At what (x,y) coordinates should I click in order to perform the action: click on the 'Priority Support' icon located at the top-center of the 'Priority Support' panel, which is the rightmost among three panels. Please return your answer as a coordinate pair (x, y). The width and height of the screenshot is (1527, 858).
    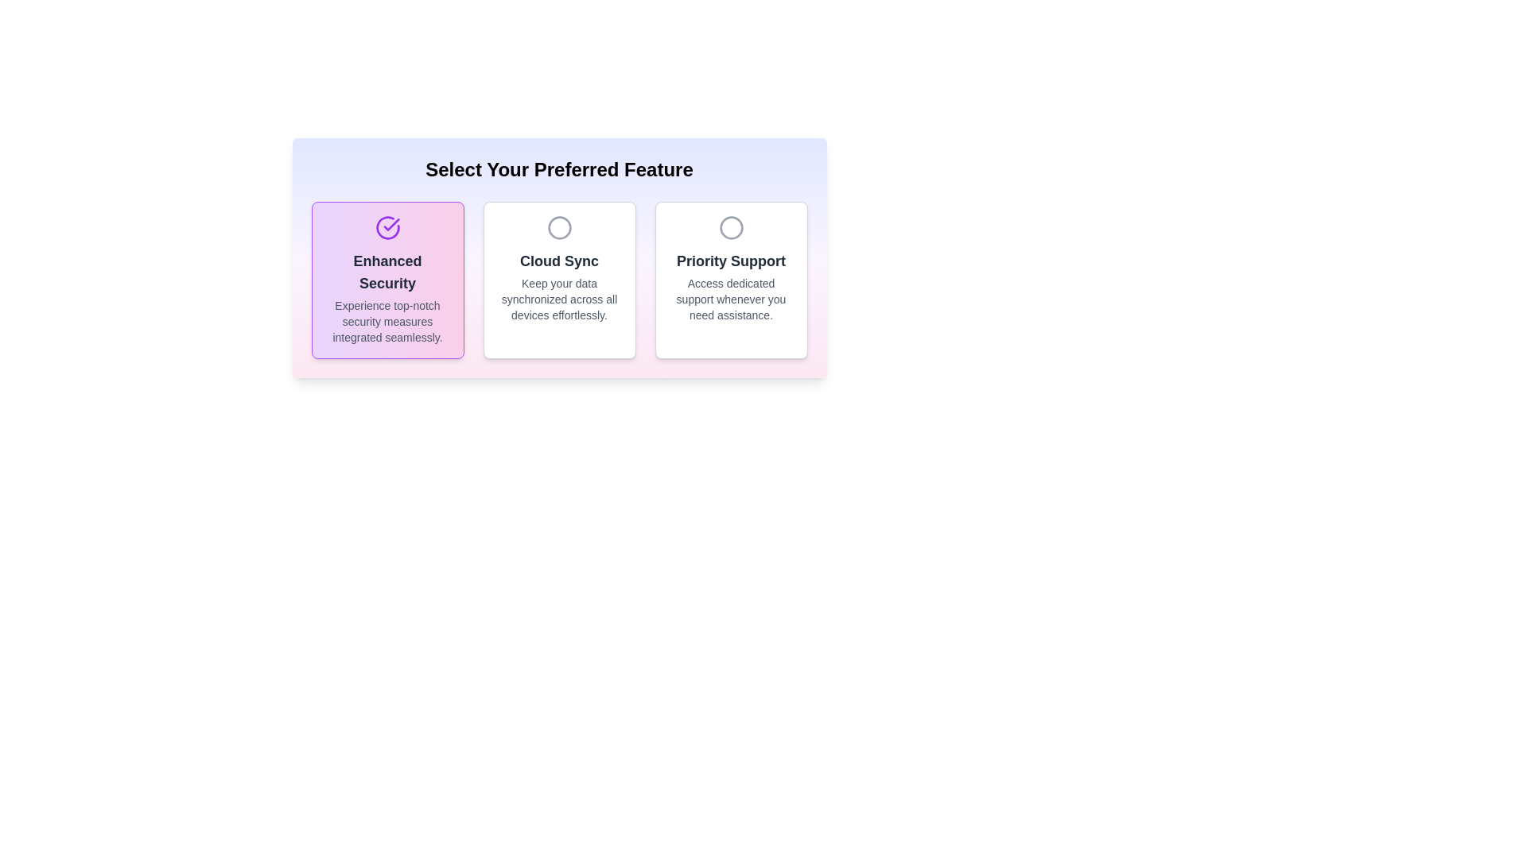
    Looking at the image, I should click on (730, 227).